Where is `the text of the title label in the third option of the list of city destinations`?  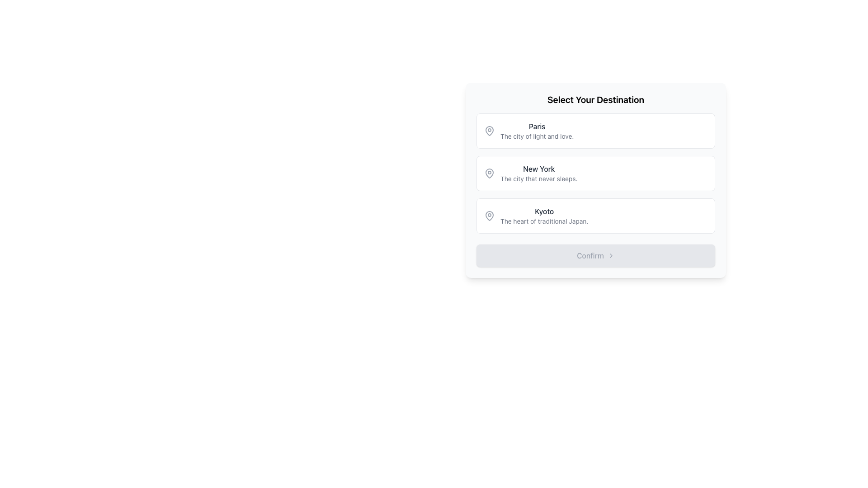 the text of the title label in the third option of the list of city destinations is located at coordinates (544, 211).